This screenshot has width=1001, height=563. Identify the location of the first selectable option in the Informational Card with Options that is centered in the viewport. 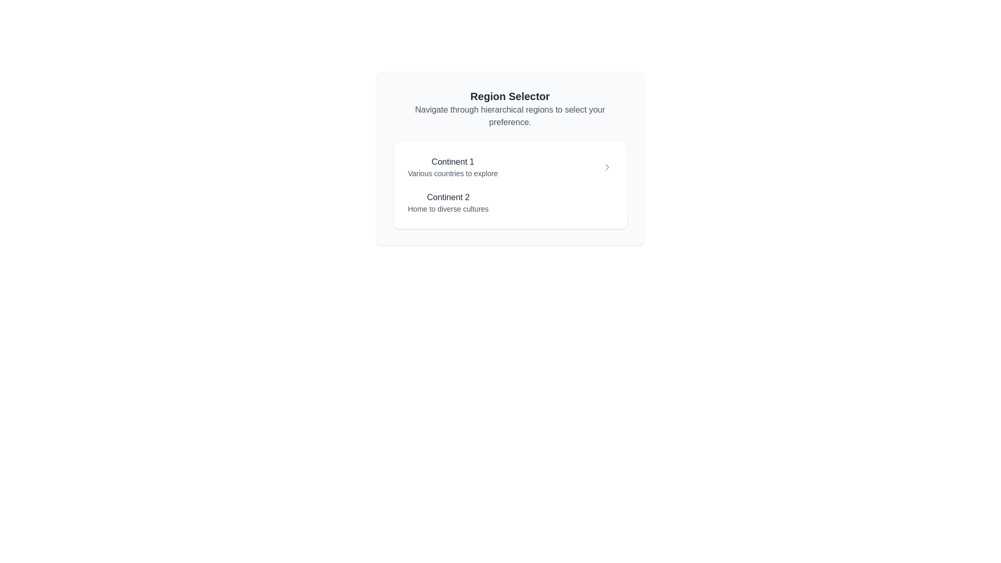
(510, 158).